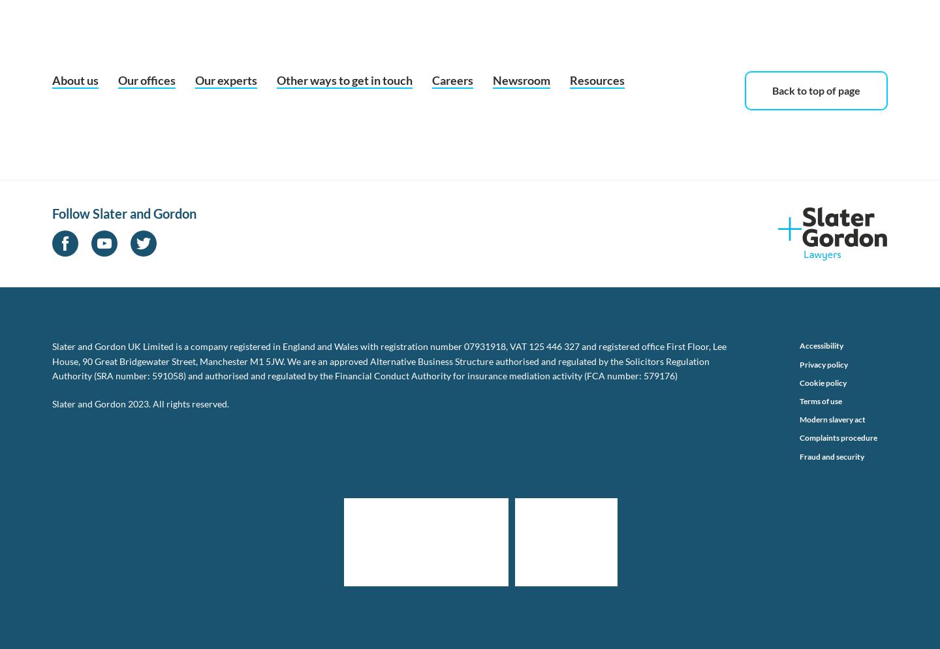  Describe the element at coordinates (597, 79) in the screenshot. I see `'Resources'` at that location.